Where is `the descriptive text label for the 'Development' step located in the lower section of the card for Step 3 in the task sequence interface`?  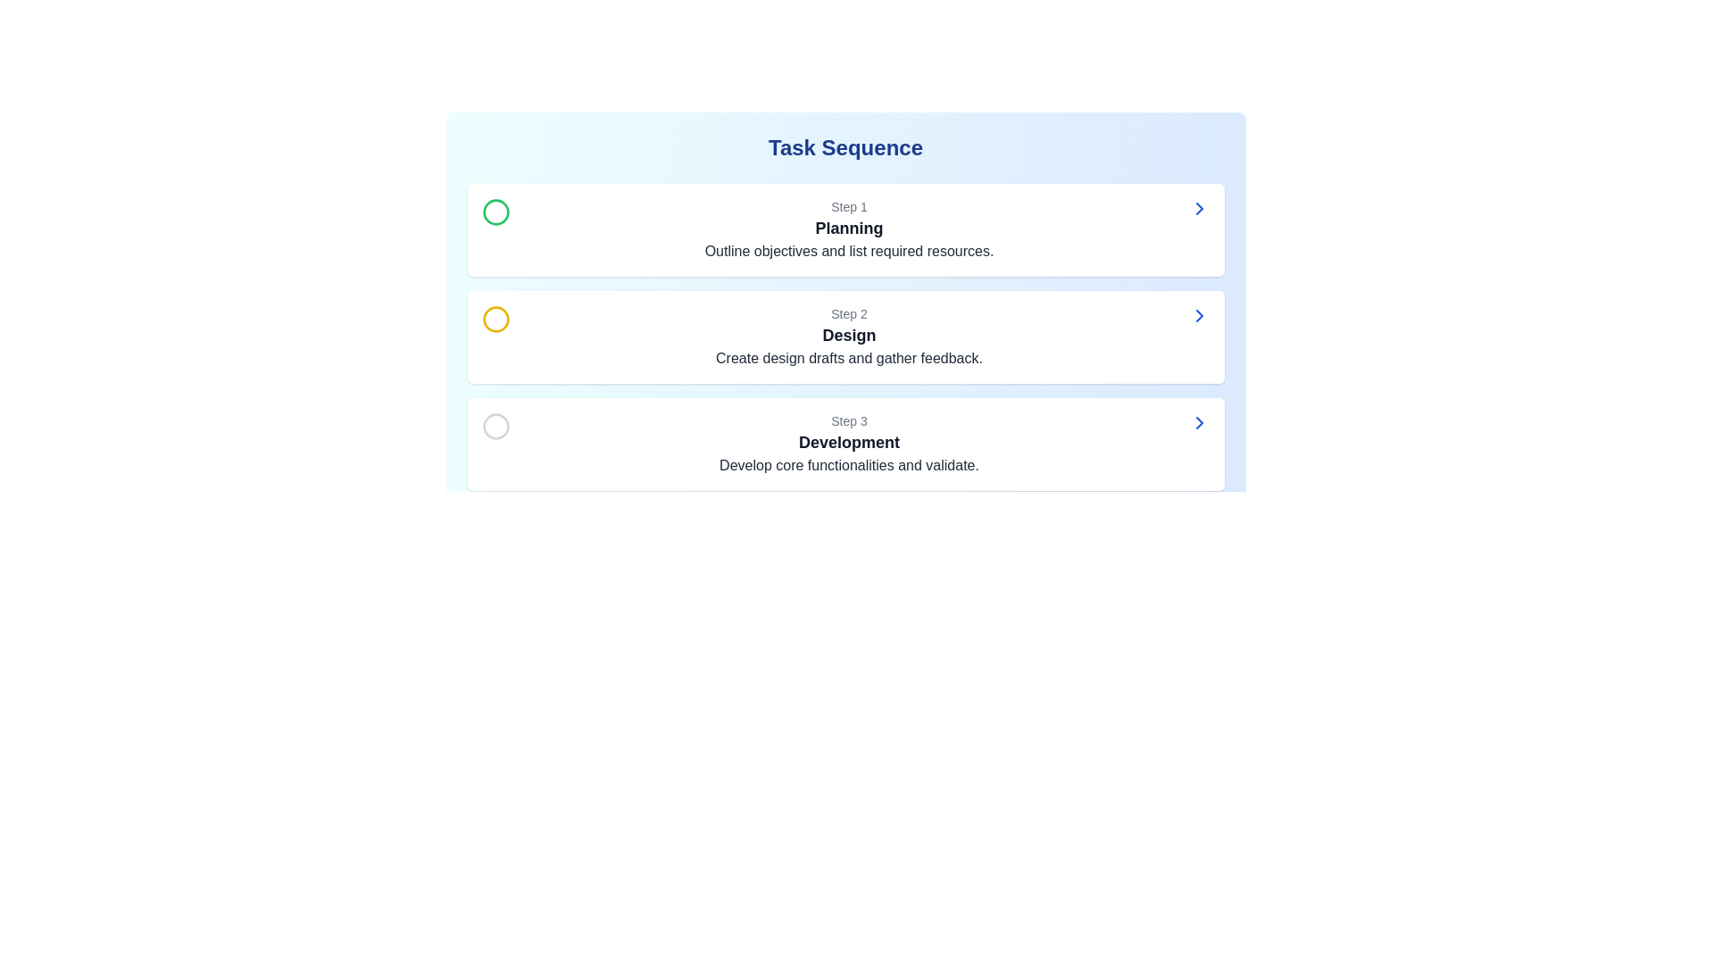
the descriptive text label for the 'Development' step located in the lower section of the card for Step 3 in the task sequence interface is located at coordinates (848, 464).